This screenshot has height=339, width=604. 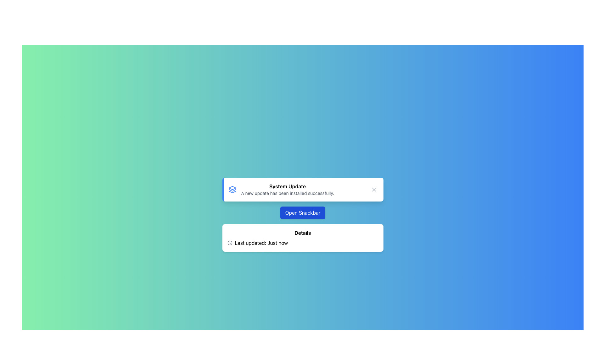 What do you see at coordinates (229, 243) in the screenshot?
I see `the outer circle of the clock icon which is positioned adjacent to the 'Details' label and near the 'Last updated: Just now' text` at bounding box center [229, 243].